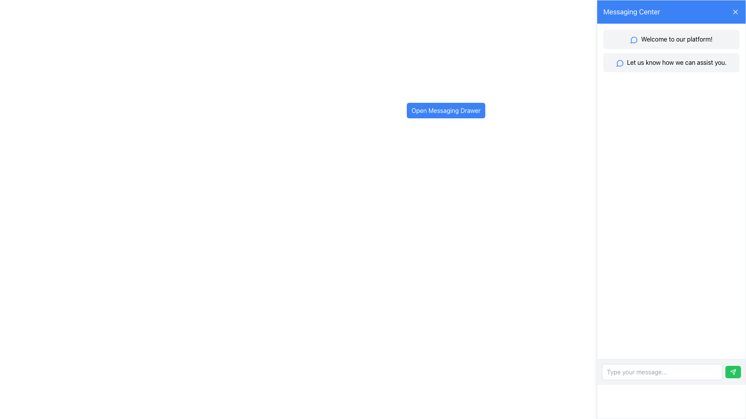  Describe the element at coordinates (446, 111) in the screenshot. I see `the rectangular button with a blue background and white text that reads 'Open Messaging Drawer'` at that location.